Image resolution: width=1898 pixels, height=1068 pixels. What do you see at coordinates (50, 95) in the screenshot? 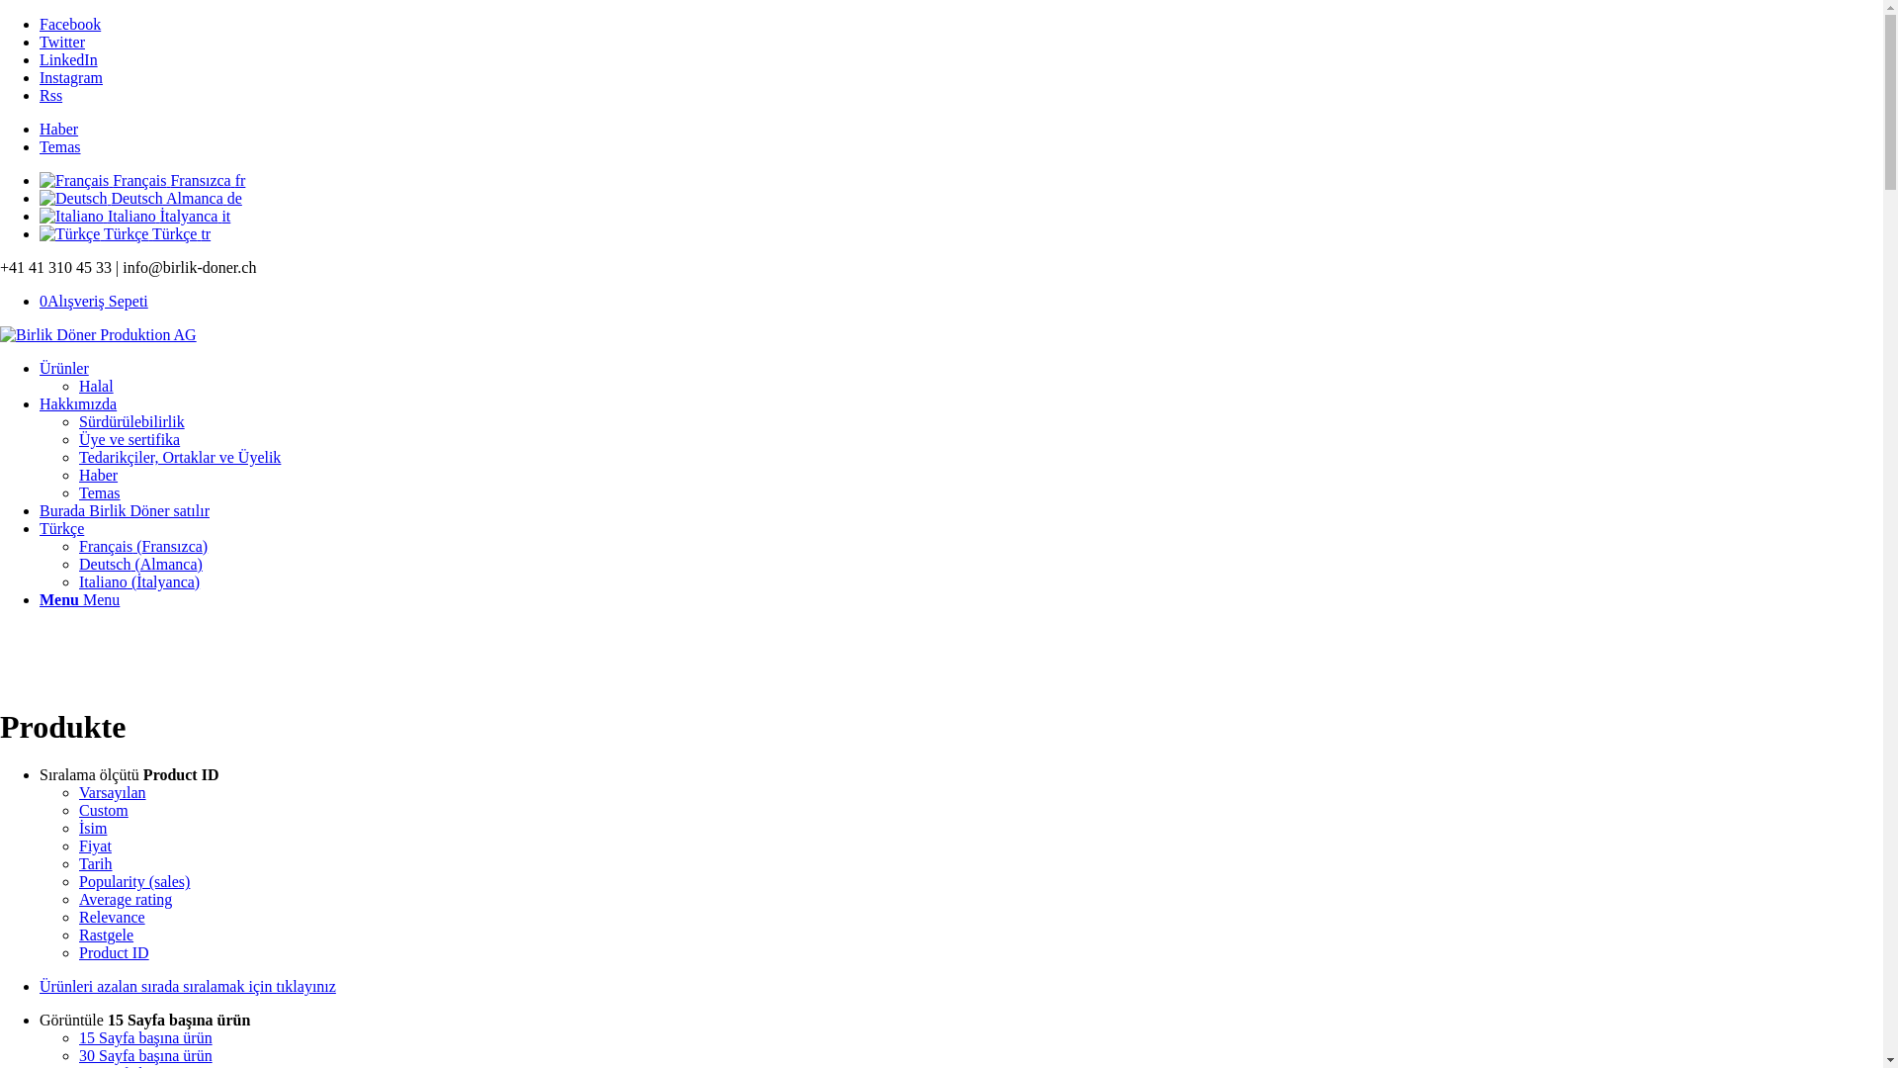
I see `'Rss'` at bounding box center [50, 95].